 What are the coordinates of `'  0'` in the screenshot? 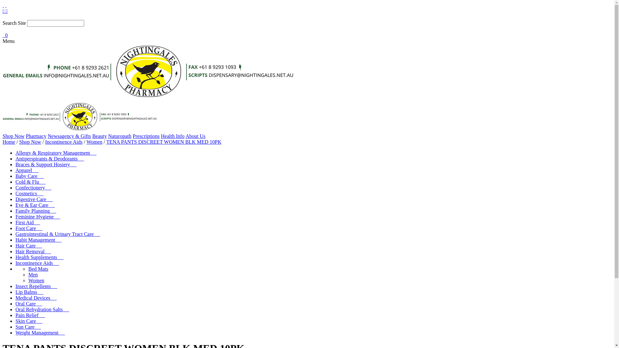 It's located at (3, 35).